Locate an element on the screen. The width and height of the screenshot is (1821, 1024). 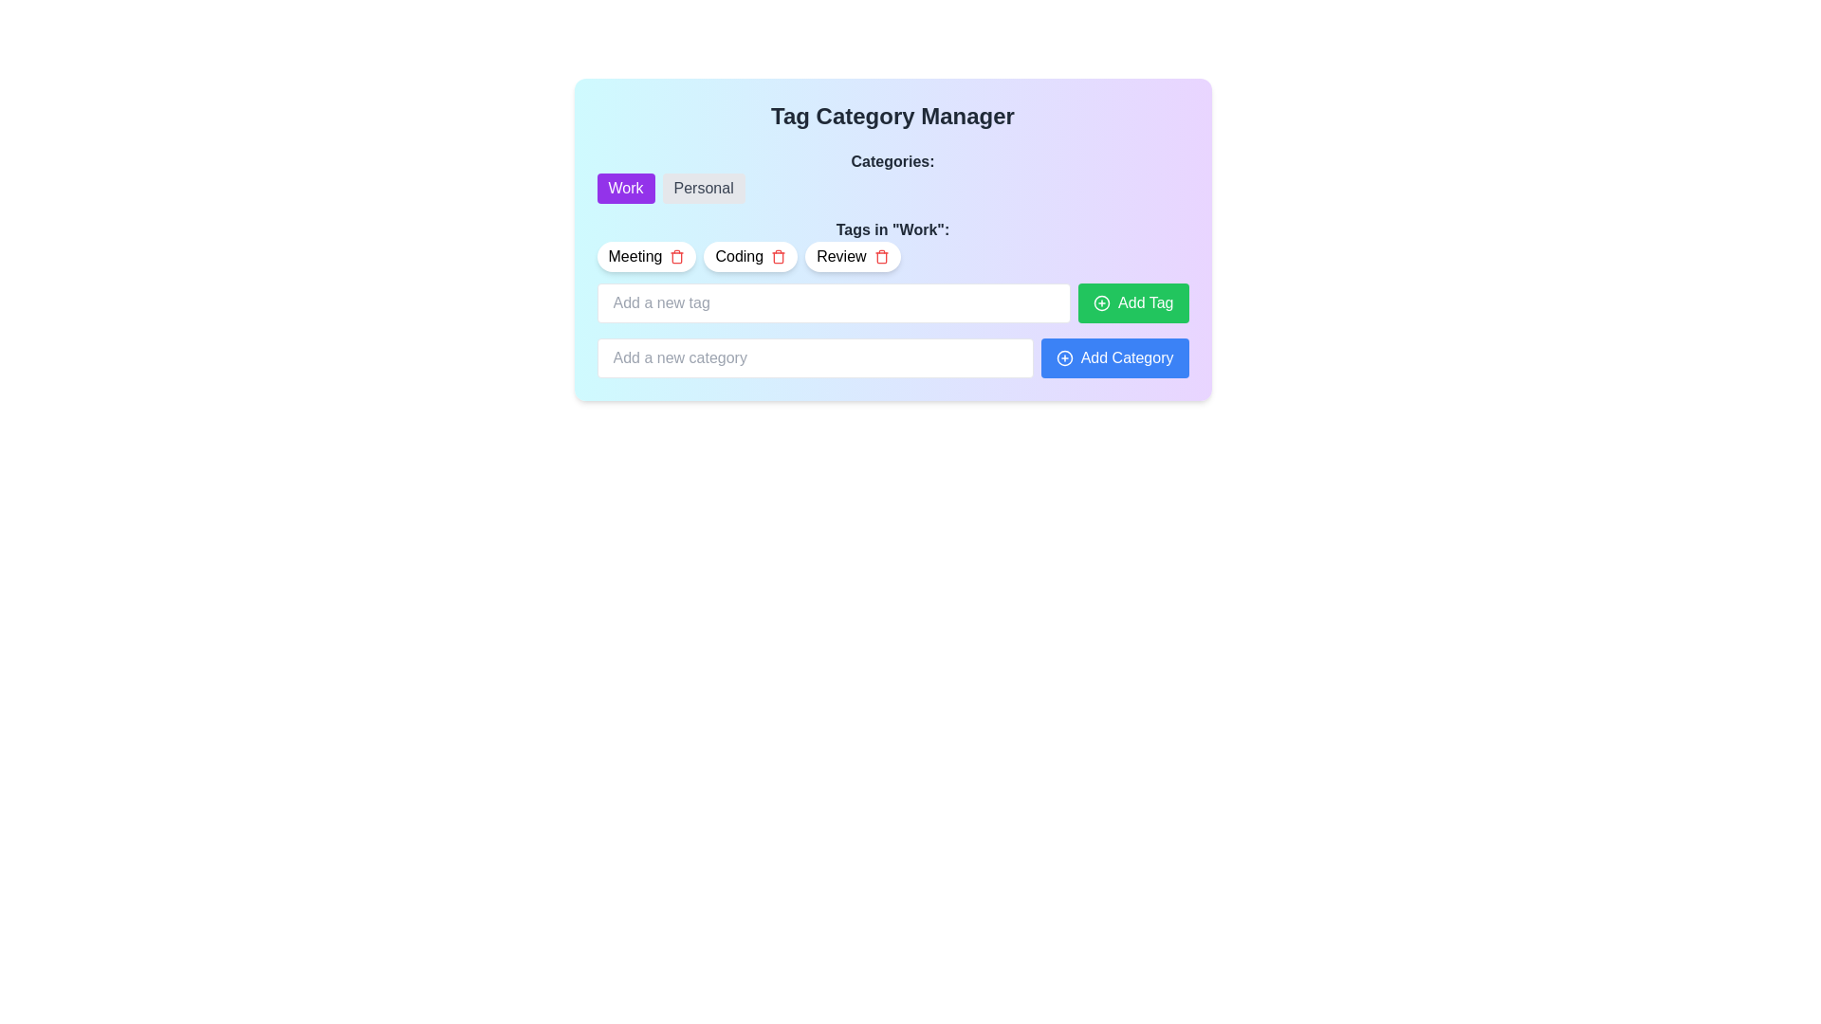
the red trash icon embedded in the 'Review' button is located at coordinates (880, 256).